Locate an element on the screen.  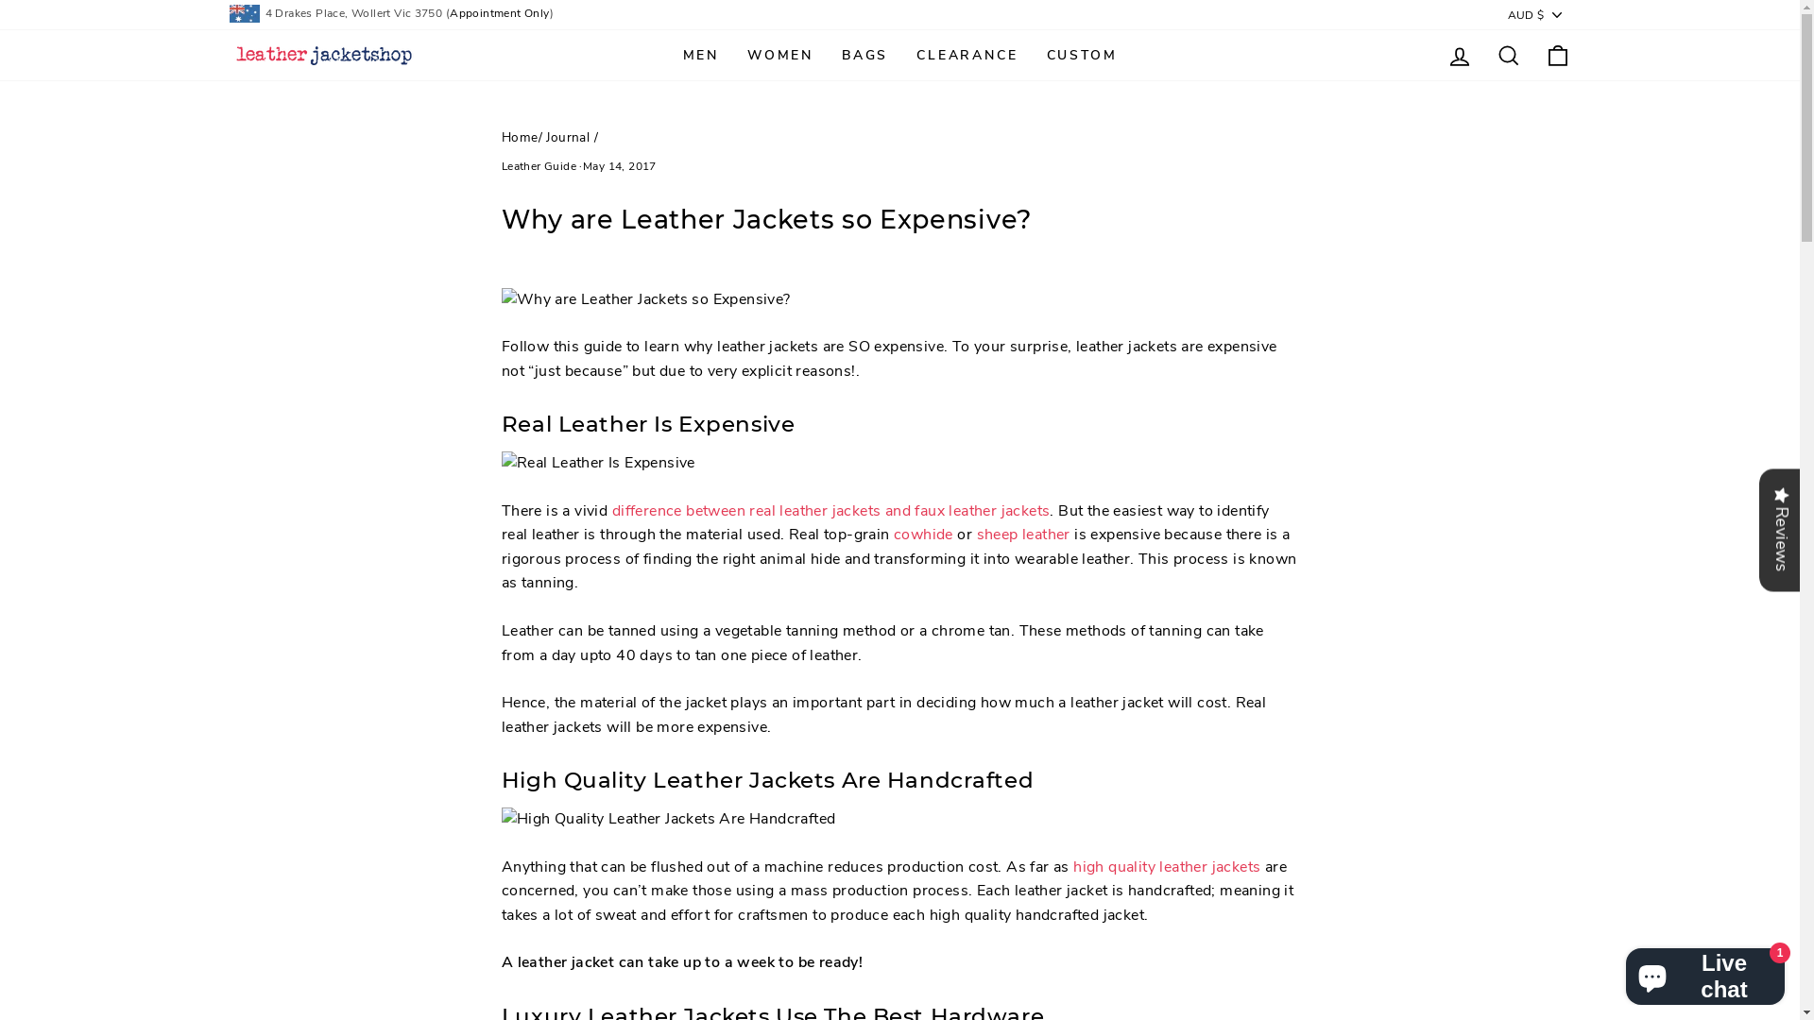
'Home' is located at coordinates (520, 136).